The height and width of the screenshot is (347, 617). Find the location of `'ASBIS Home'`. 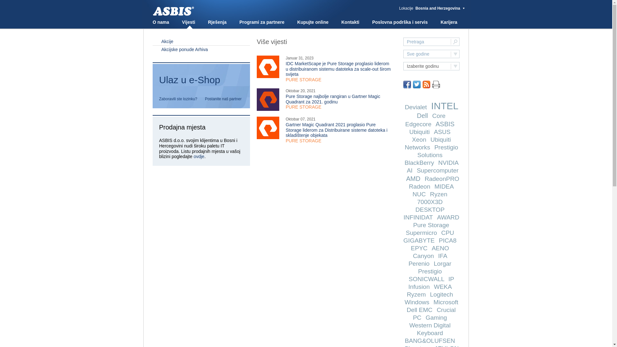

'ASBIS Home' is located at coordinates (152, 11).